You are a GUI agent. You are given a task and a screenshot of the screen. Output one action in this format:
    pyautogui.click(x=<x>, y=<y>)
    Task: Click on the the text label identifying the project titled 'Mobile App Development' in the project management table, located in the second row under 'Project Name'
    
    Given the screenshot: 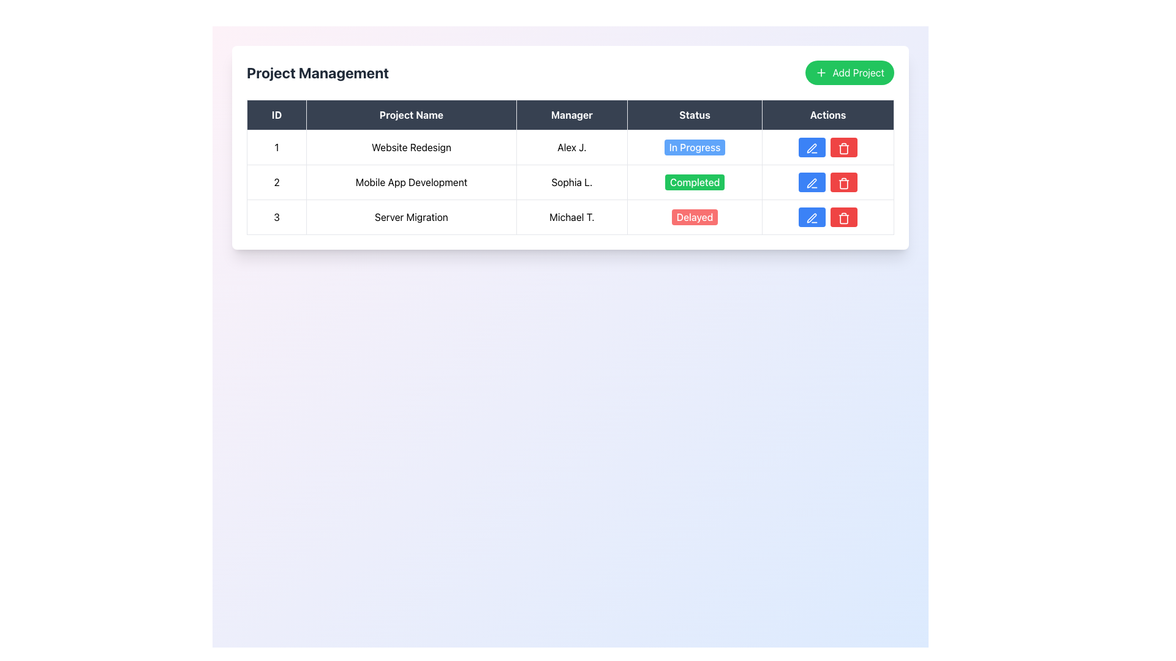 What is the action you would take?
    pyautogui.click(x=411, y=182)
    